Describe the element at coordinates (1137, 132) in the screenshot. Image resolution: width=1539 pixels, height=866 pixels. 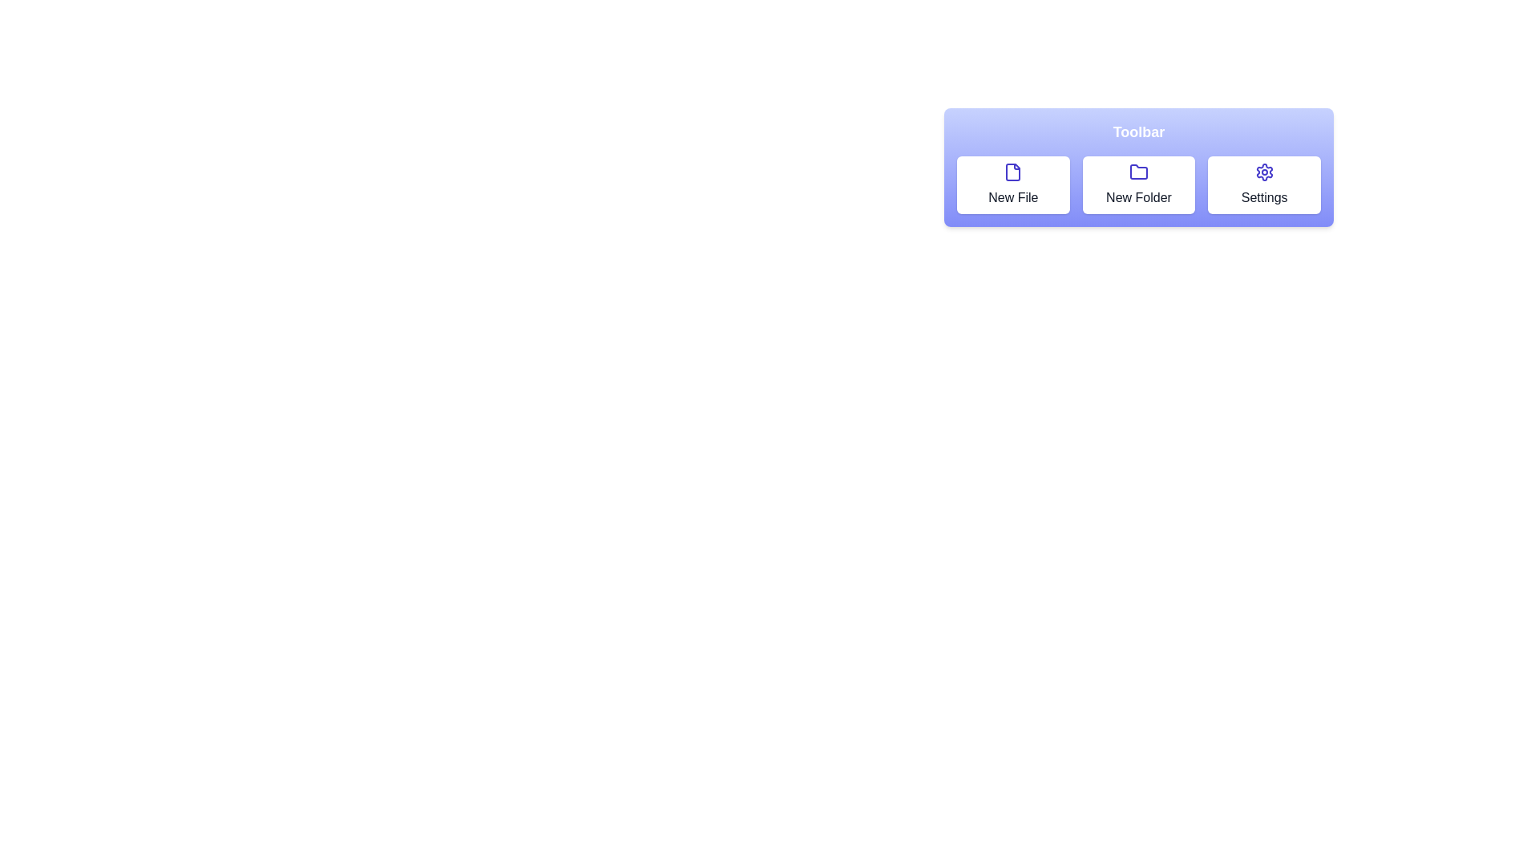
I see `text of the Text Label that serves as a title for the panel or section, positioned at the top of the group above interactive elements like 'New File,' 'New Folder,' and 'Settings.'` at that location.